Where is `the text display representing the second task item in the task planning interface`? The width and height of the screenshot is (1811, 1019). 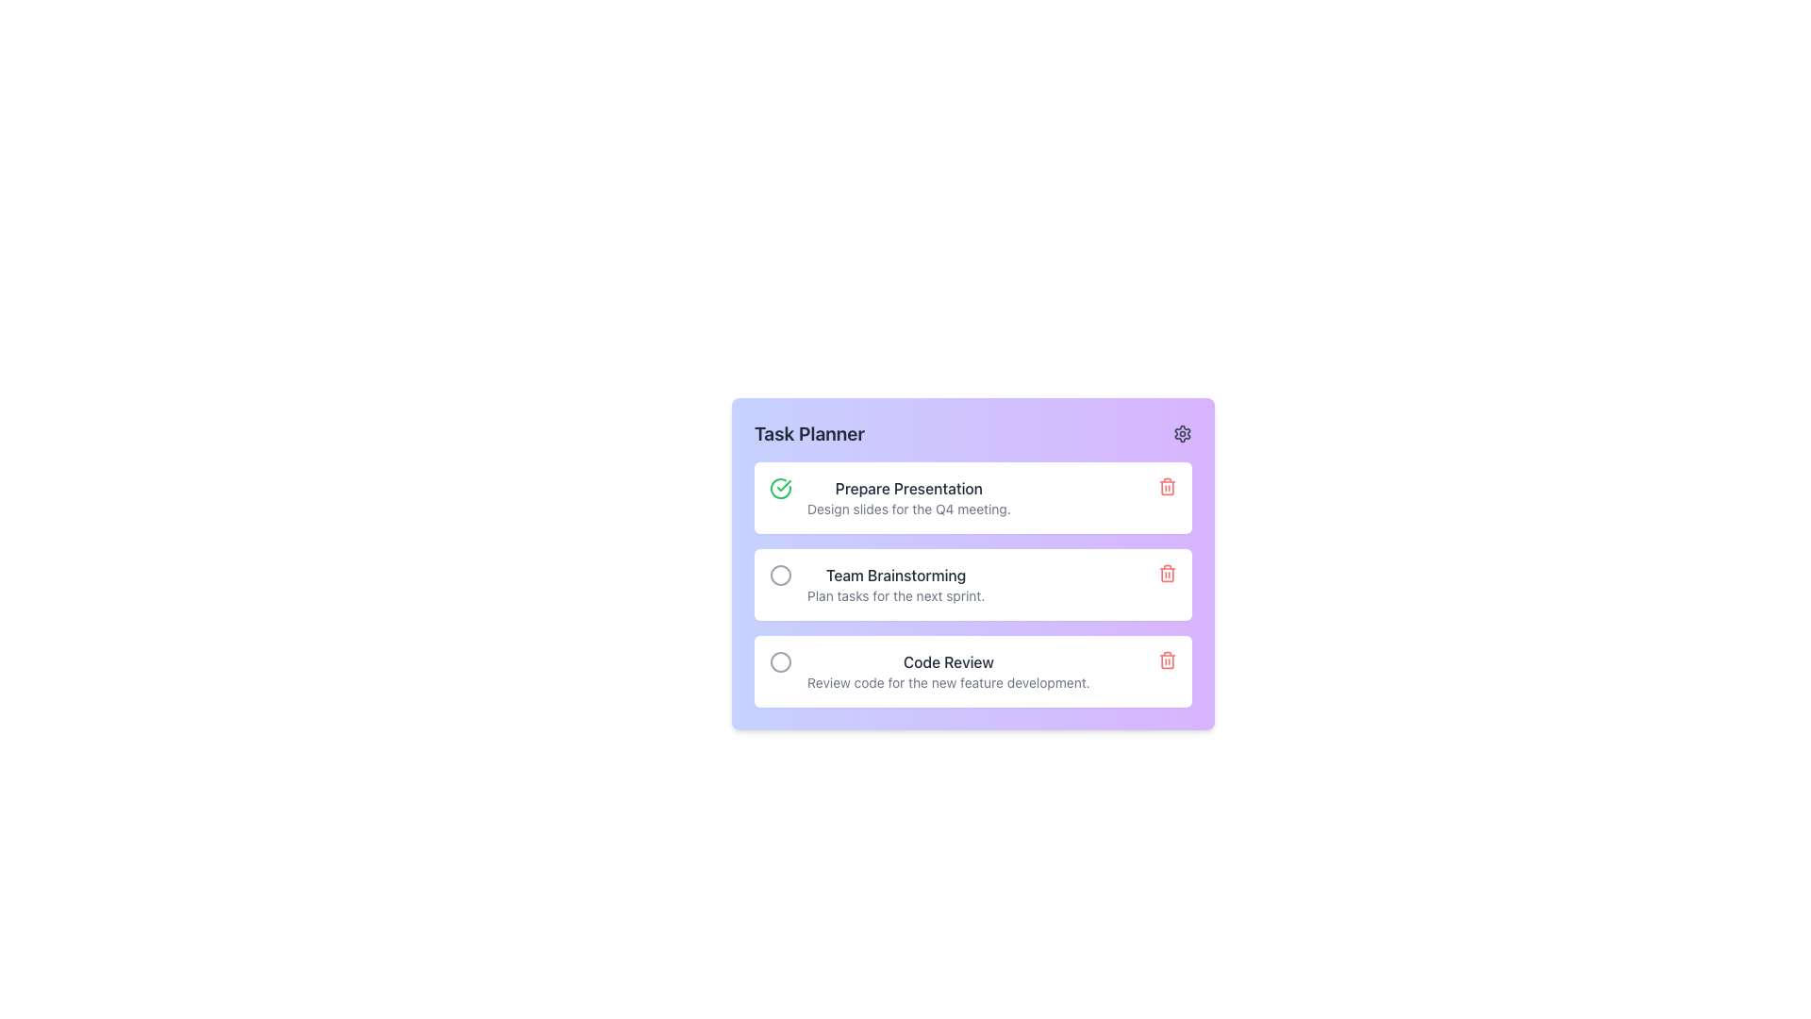
the text display representing the second task item in the task planning interface is located at coordinates (895, 584).